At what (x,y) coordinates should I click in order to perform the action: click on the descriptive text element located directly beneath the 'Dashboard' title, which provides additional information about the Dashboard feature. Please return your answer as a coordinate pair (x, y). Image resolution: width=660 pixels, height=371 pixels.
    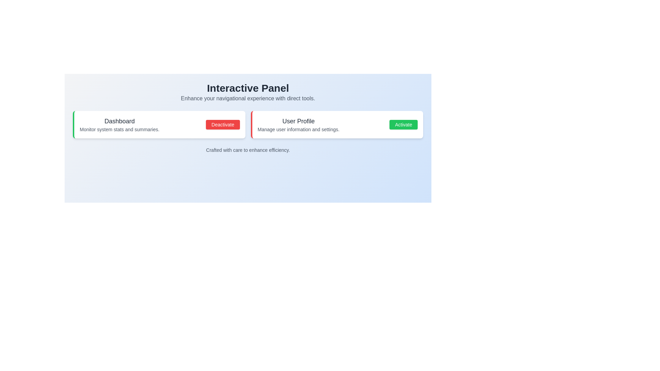
    Looking at the image, I should click on (119, 130).